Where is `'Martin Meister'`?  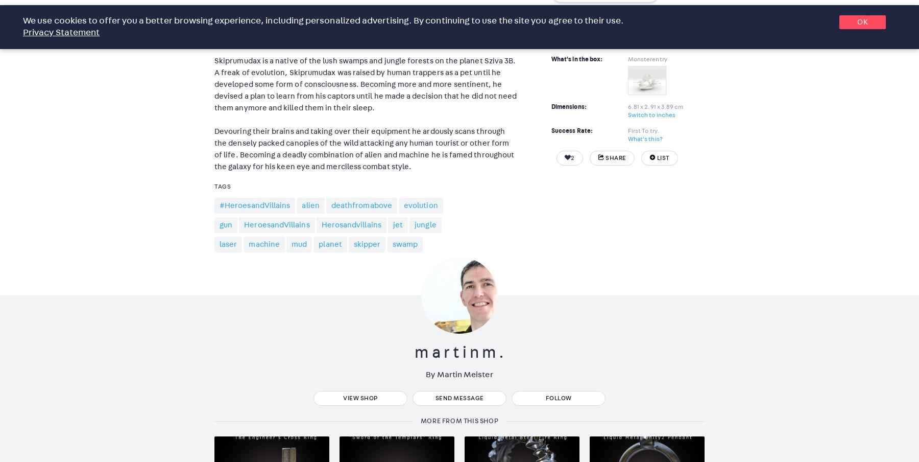 'Martin Meister' is located at coordinates (464, 373).